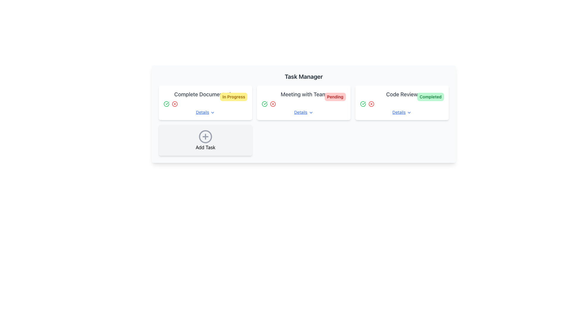 Image resolution: width=571 pixels, height=321 pixels. Describe the element at coordinates (402, 94) in the screenshot. I see `the text label located at the top-center of the card, which serves as the title or descriptive label for the task` at that location.